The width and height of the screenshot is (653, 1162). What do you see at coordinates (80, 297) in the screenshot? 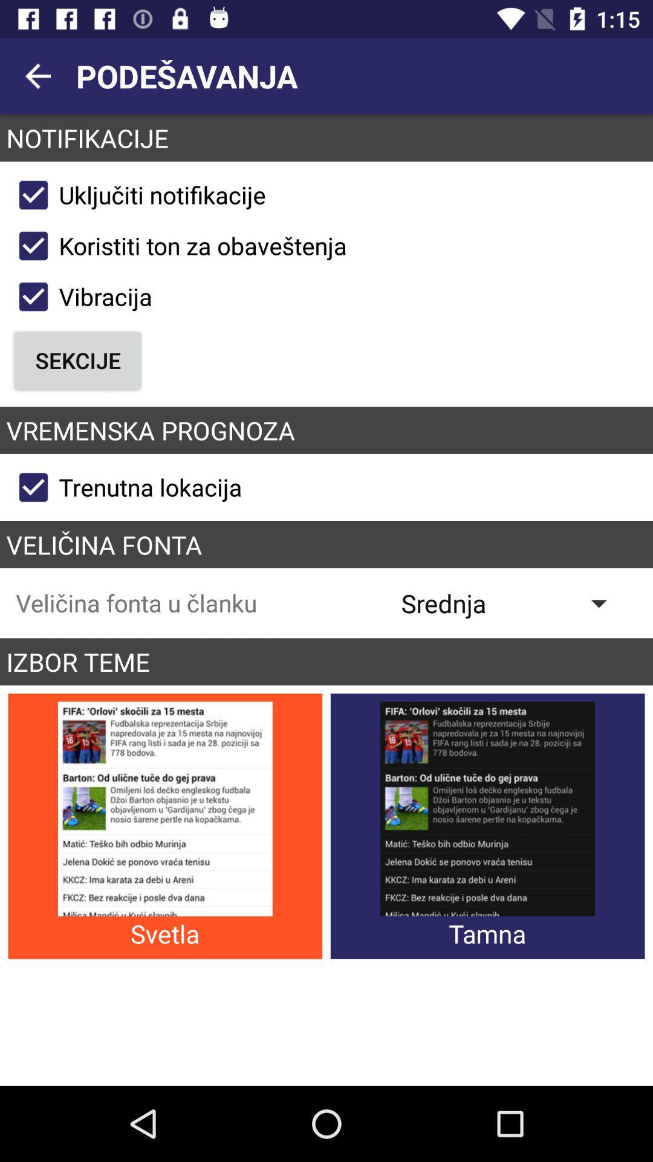
I see `vibracija item` at bounding box center [80, 297].